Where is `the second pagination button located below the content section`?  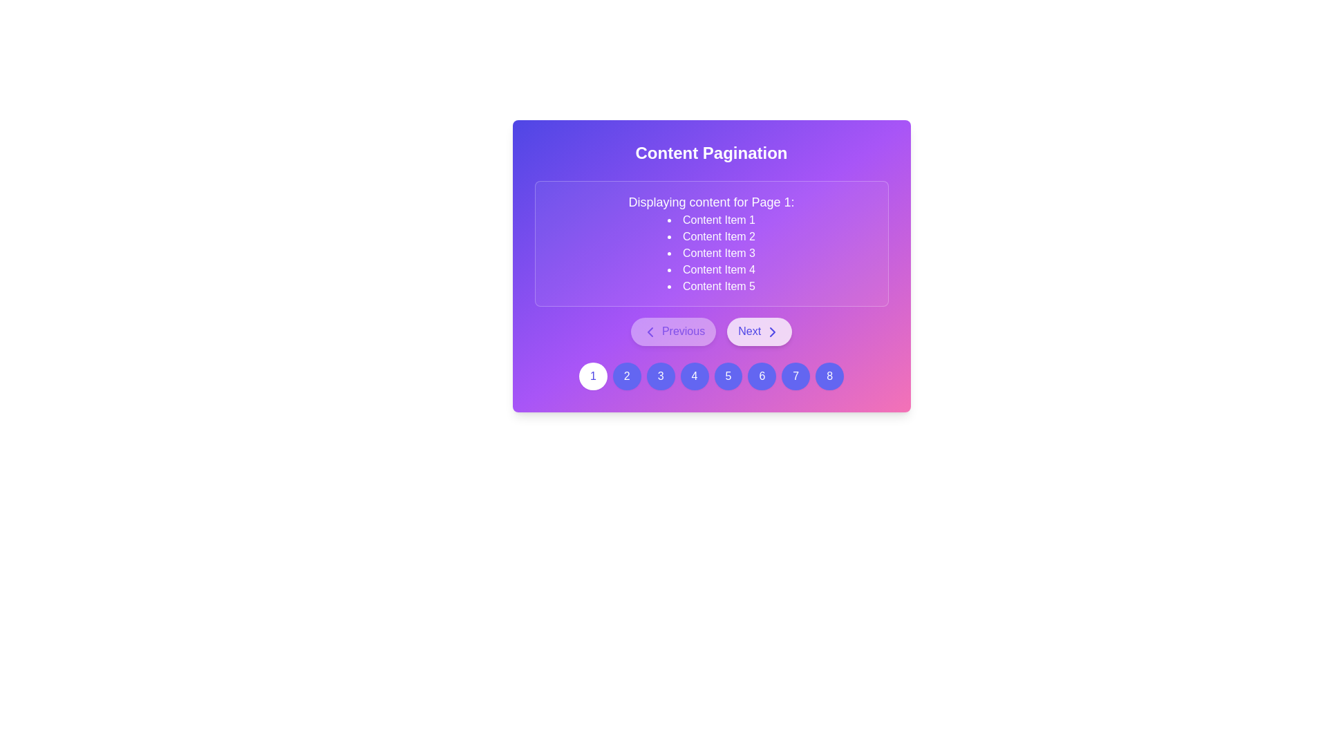
the second pagination button located below the content section is located at coordinates (626, 376).